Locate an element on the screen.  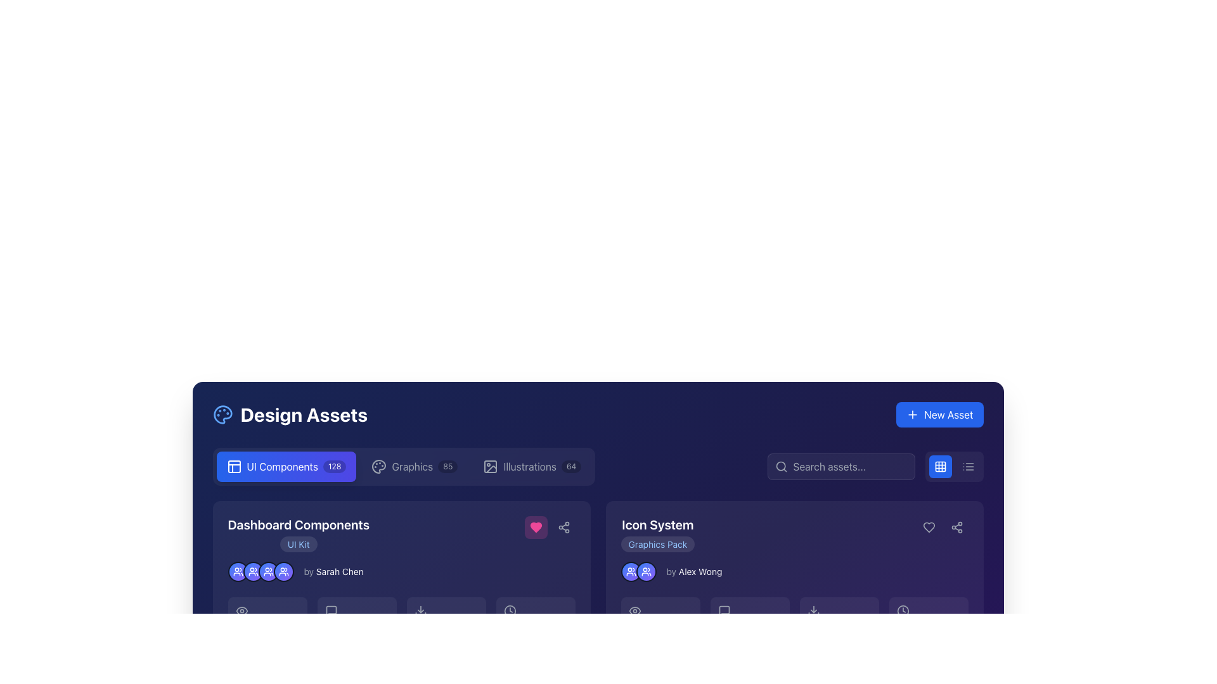
the share button is located at coordinates (563, 528).